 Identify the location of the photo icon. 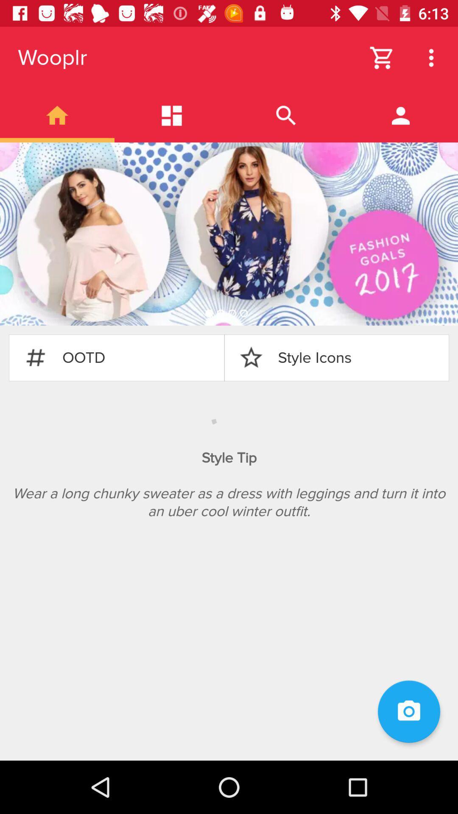
(408, 711).